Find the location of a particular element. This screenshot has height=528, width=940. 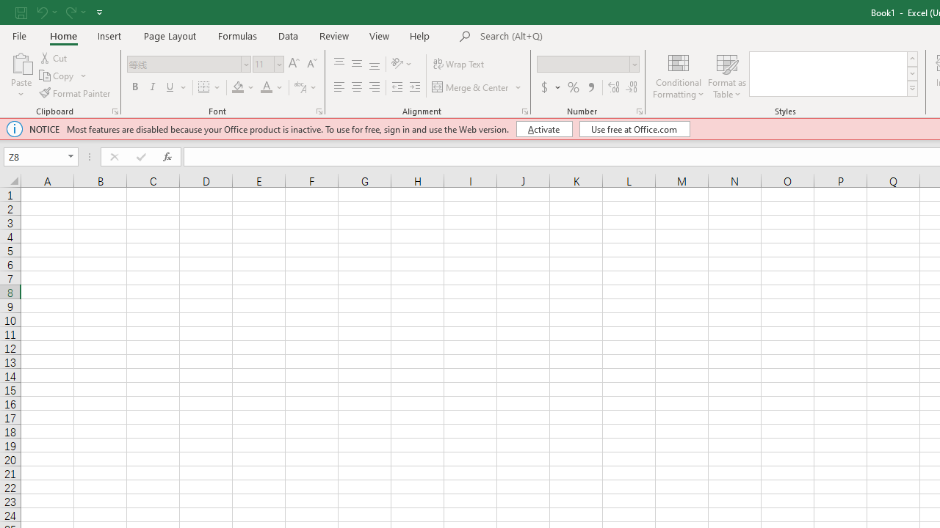

'Font Color' is located at coordinates (272, 87).